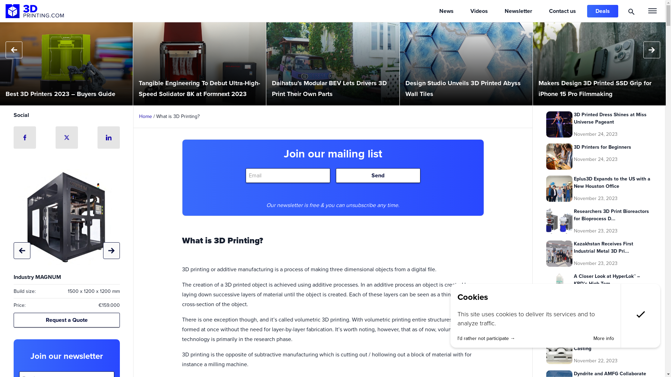 The width and height of the screenshot is (671, 377). Describe the element at coordinates (598, 156) in the screenshot. I see `'3D Printers for Beginners` at that location.